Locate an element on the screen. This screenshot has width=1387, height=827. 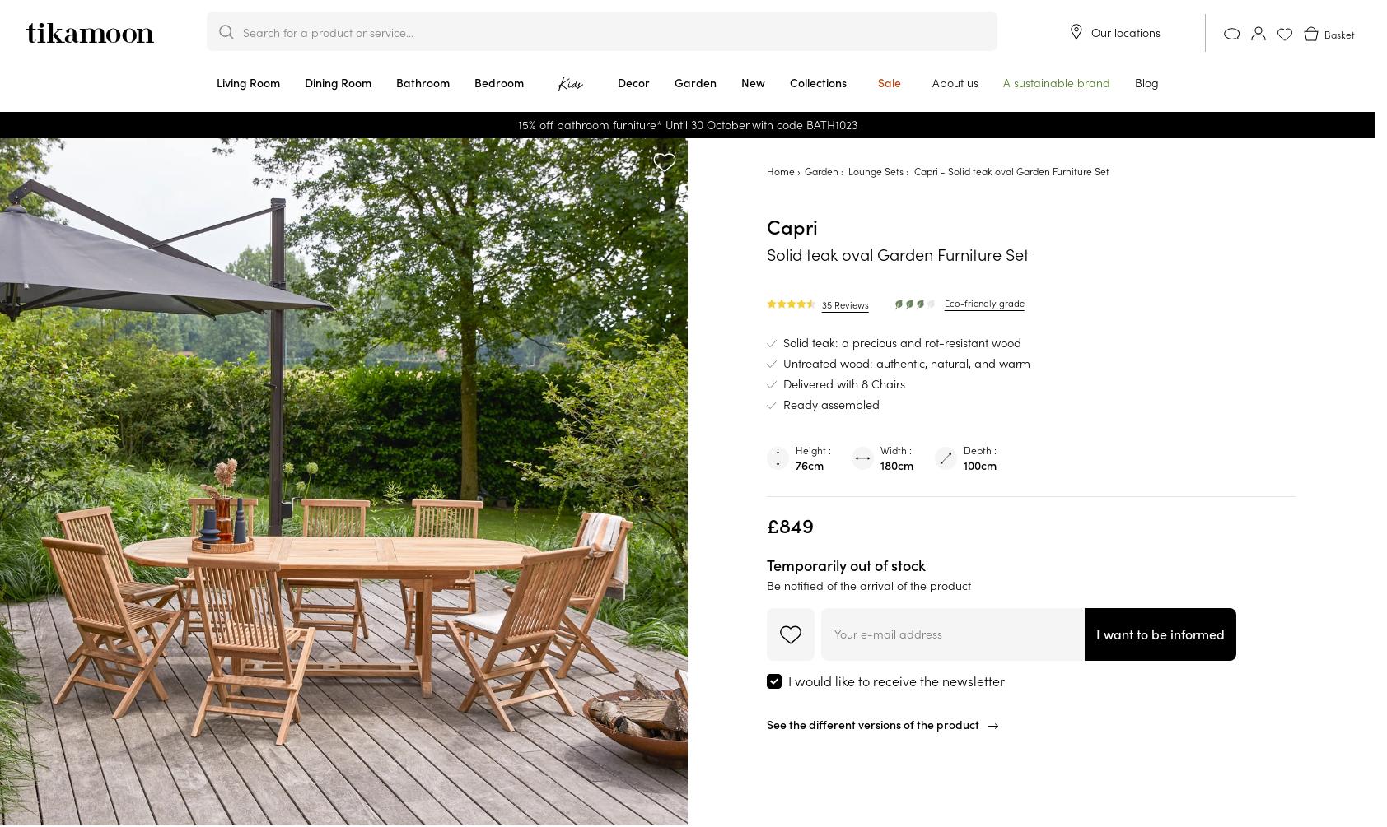
'76cm' is located at coordinates (793, 464).